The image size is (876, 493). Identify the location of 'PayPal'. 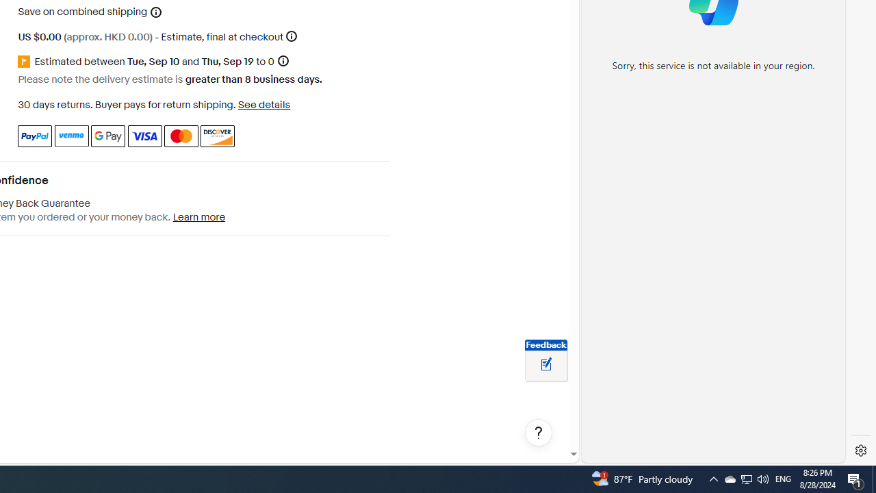
(35, 136).